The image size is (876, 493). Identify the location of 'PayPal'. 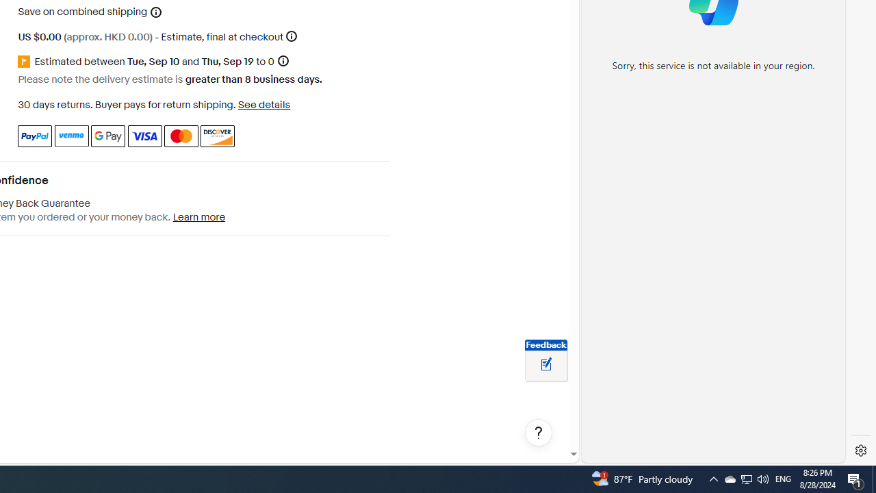
(35, 136).